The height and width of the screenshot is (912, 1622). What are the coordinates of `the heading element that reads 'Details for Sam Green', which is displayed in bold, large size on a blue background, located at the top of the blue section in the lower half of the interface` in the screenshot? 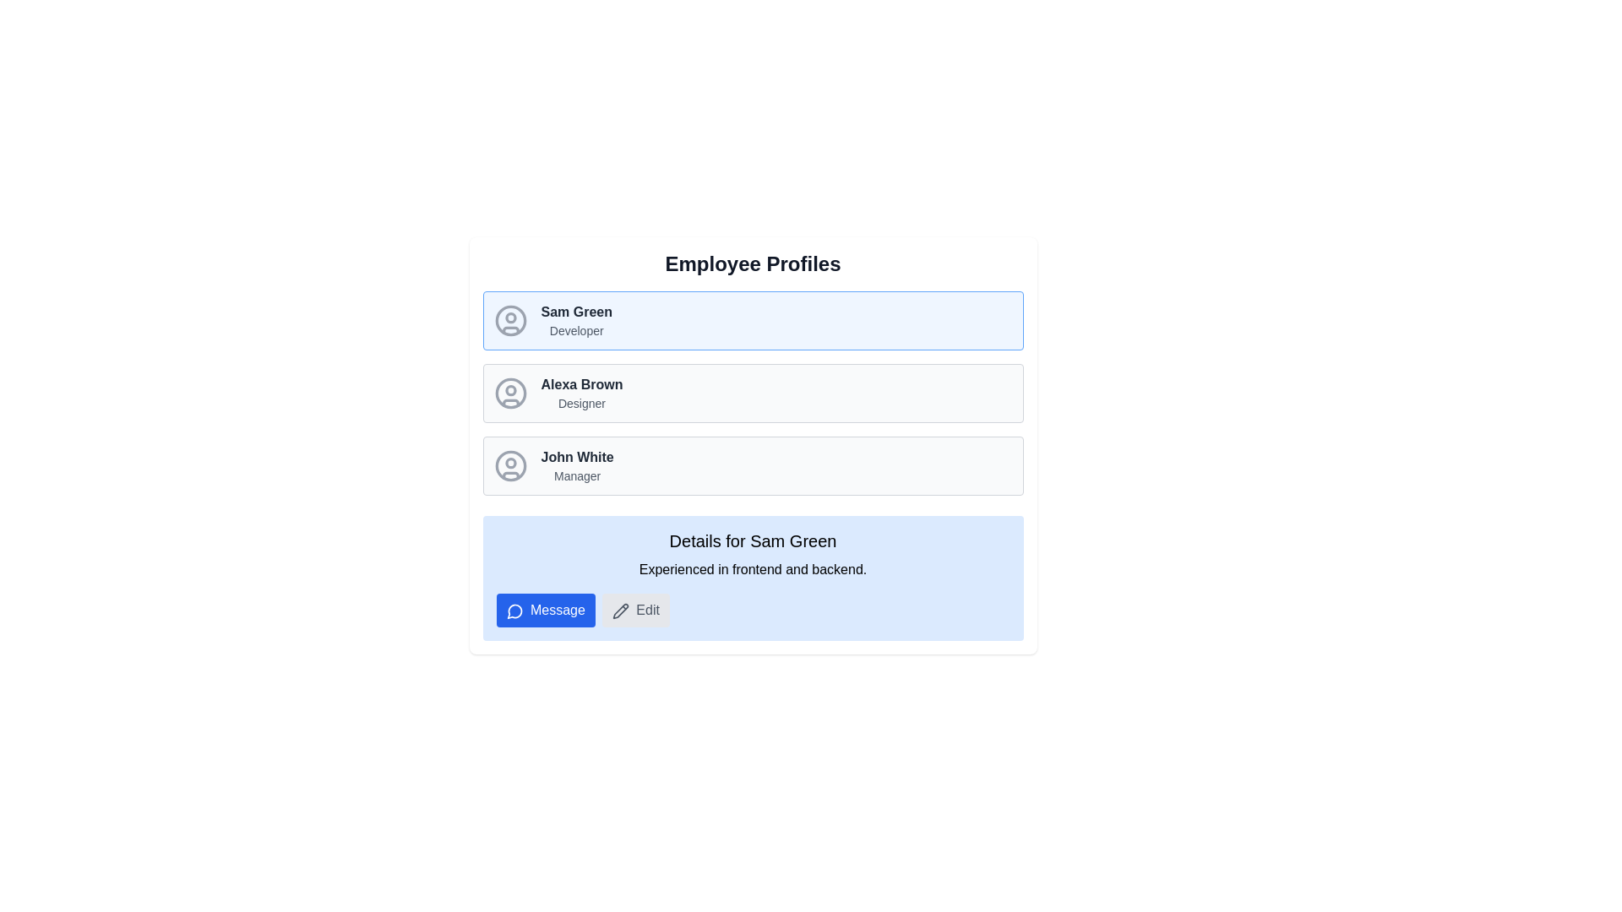 It's located at (752, 540).